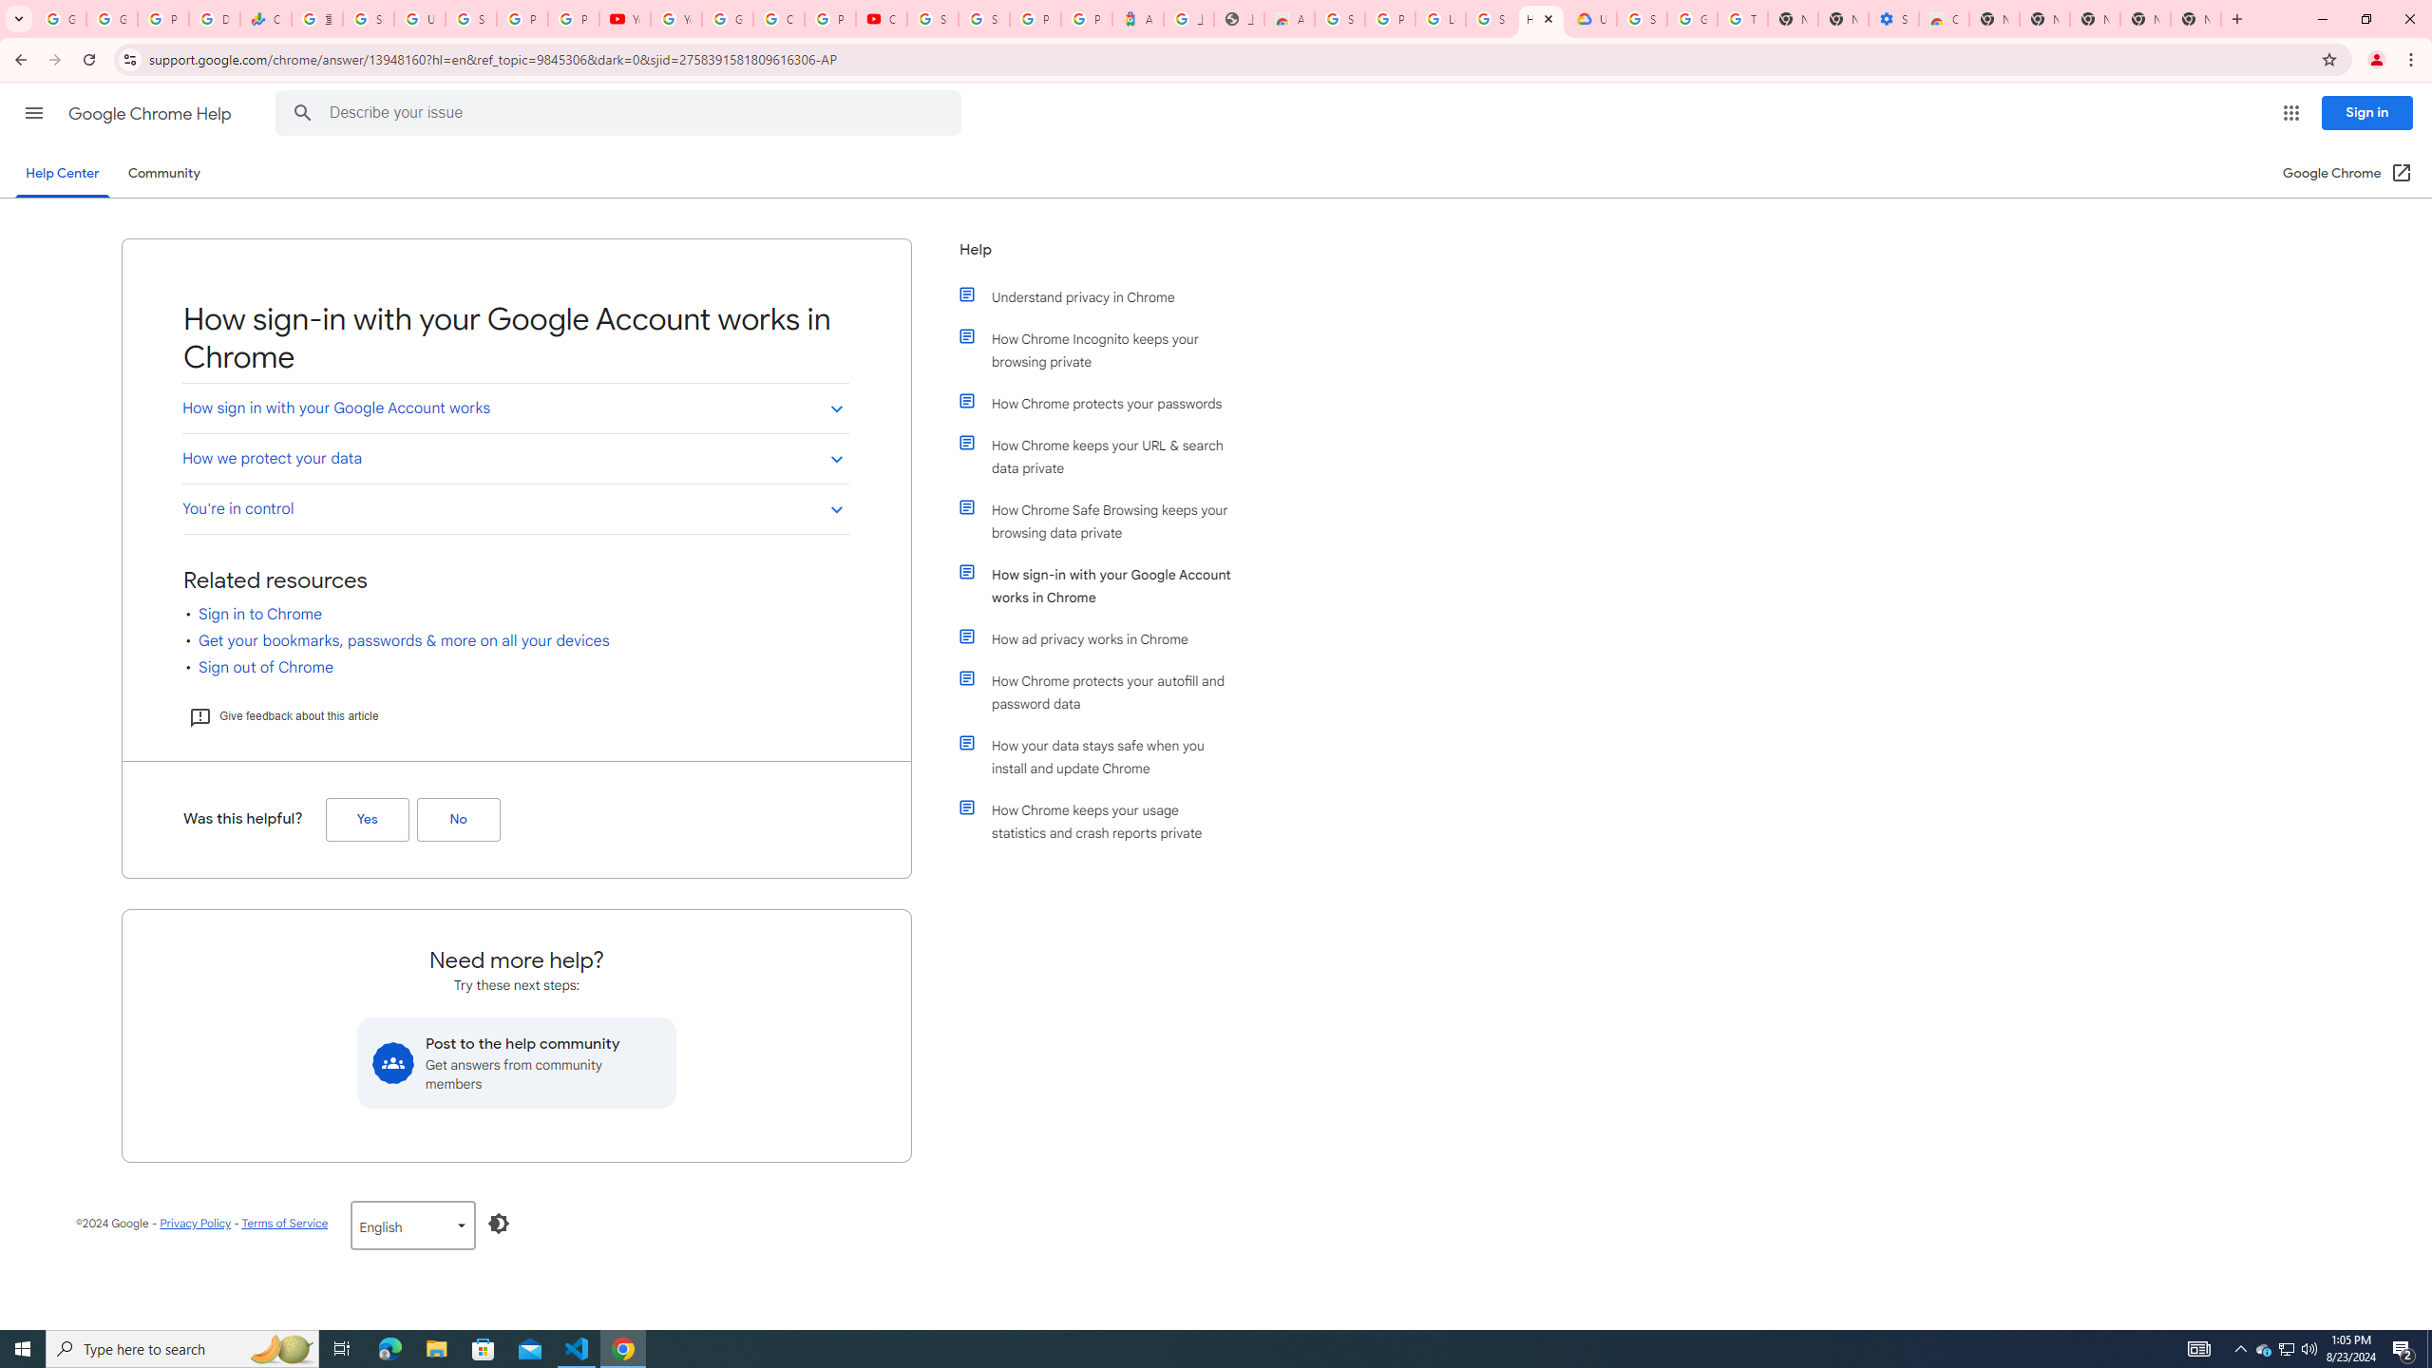 The height and width of the screenshot is (1368, 2432). I want to click on 'No (Was this helpful?)', so click(457, 818).